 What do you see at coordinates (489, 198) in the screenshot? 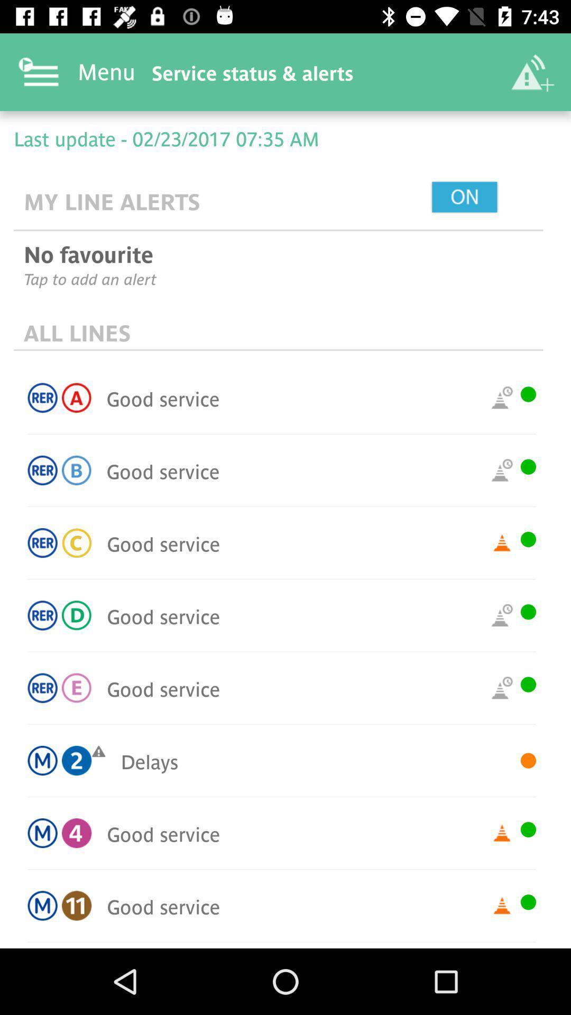
I see `the icon next to my line alerts item` at bounding box center [489, 198].